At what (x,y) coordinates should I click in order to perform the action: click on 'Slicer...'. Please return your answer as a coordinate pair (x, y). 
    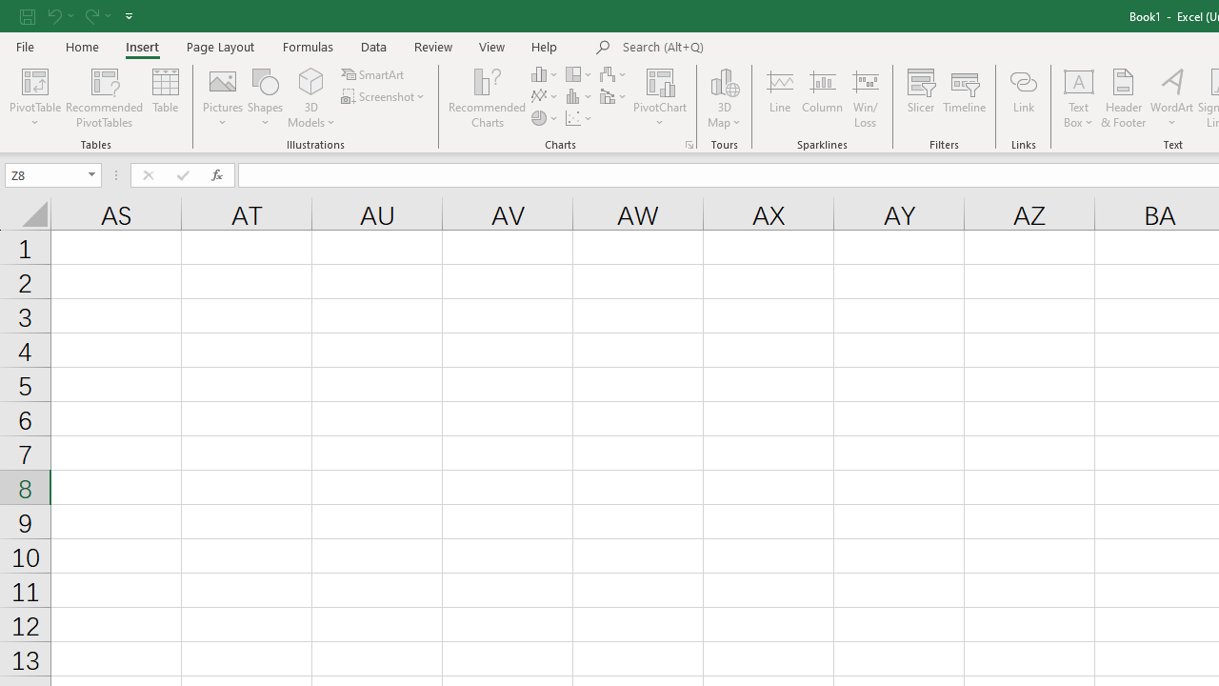
    Looking at the image, I should click on (921, 98).